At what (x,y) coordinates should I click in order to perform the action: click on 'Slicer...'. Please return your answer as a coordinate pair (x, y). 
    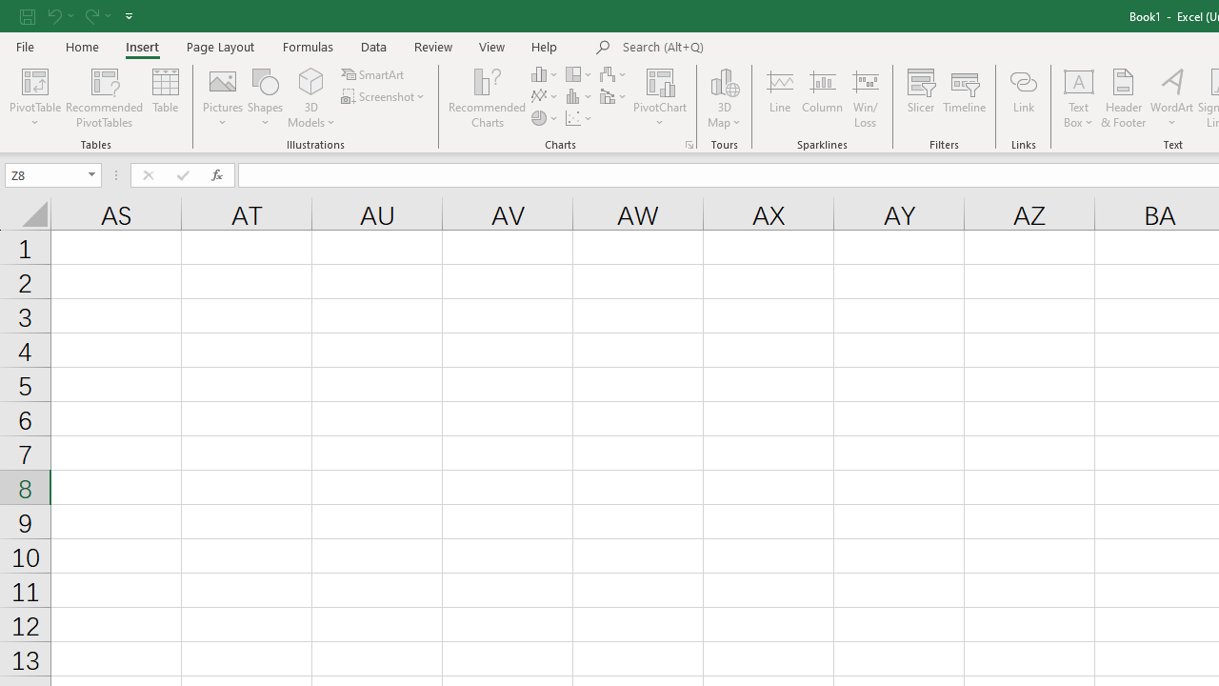
    Looking at the image, I should click on (921, 98).